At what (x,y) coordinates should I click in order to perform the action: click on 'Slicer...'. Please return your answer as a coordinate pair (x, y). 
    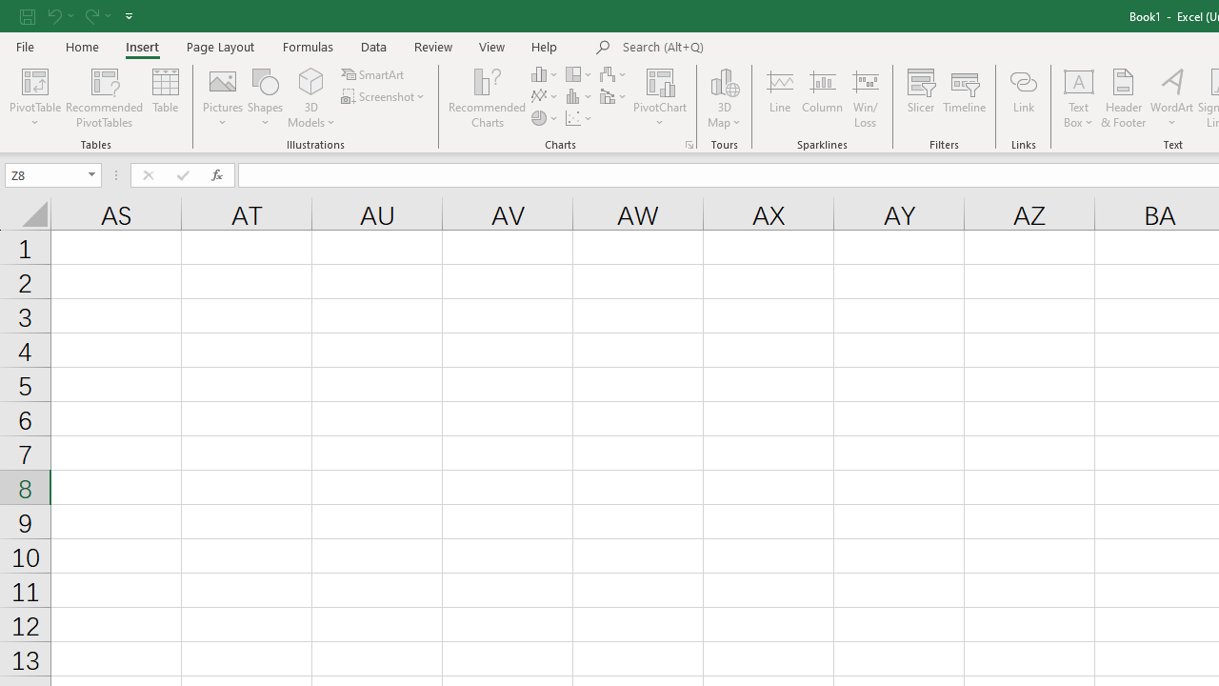
    Looking at the image, I should click on (921, 98).